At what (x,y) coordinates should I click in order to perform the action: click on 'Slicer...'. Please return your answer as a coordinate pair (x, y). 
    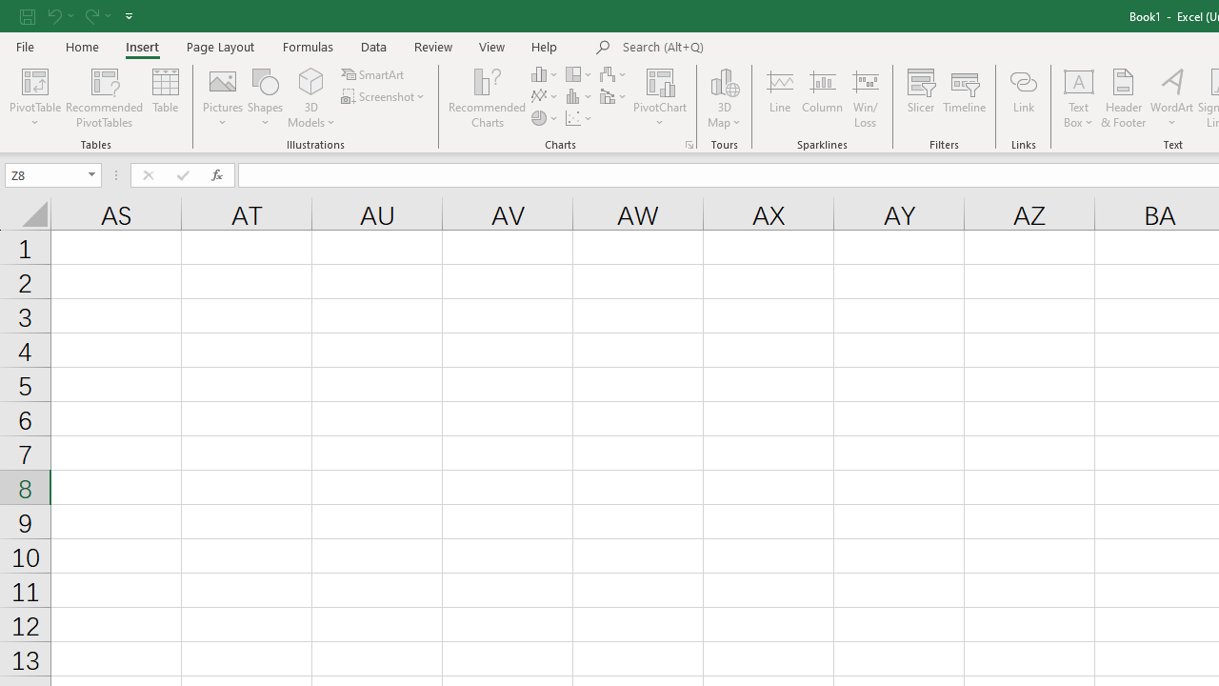
    Looking at the image, I should click on (921, 98).